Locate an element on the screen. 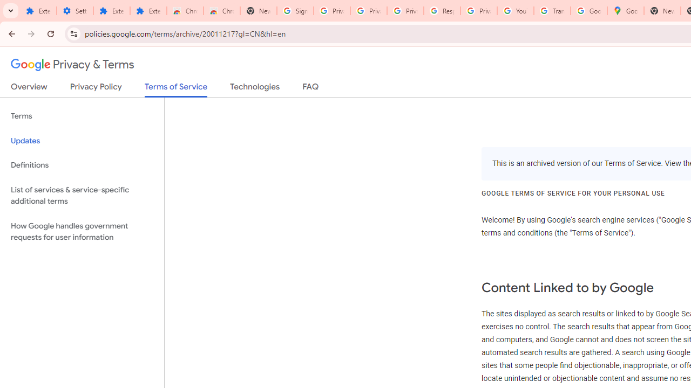 The image size is (691, 388). 'Chrome Web Store - Themes' is located at coordinates (221, 11).